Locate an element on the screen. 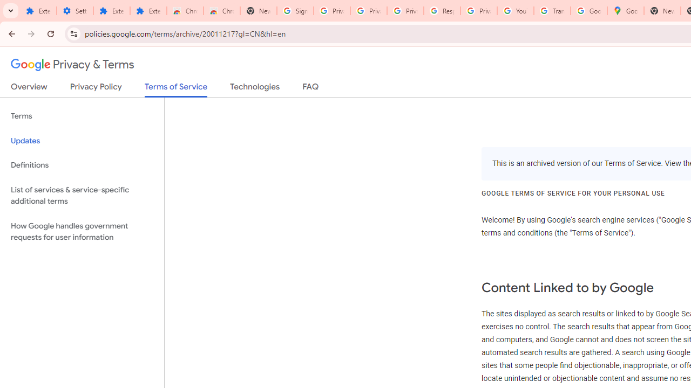 The image size is (691, 388). 'Chrome Web Store - Themes' is located at coordinates (221, 11).